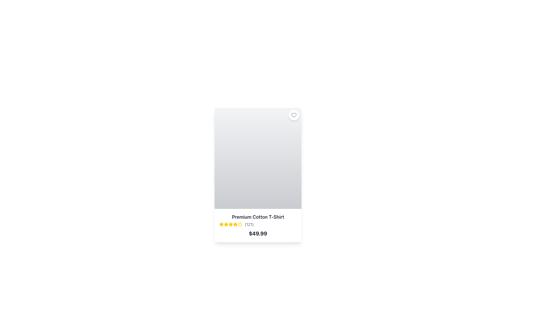 The image size is (556, 312). Describe the element at coordinates (230, 224) in the screenshot. I see `the fourth star in the star-based rating system to interact with the rating system` at that location.